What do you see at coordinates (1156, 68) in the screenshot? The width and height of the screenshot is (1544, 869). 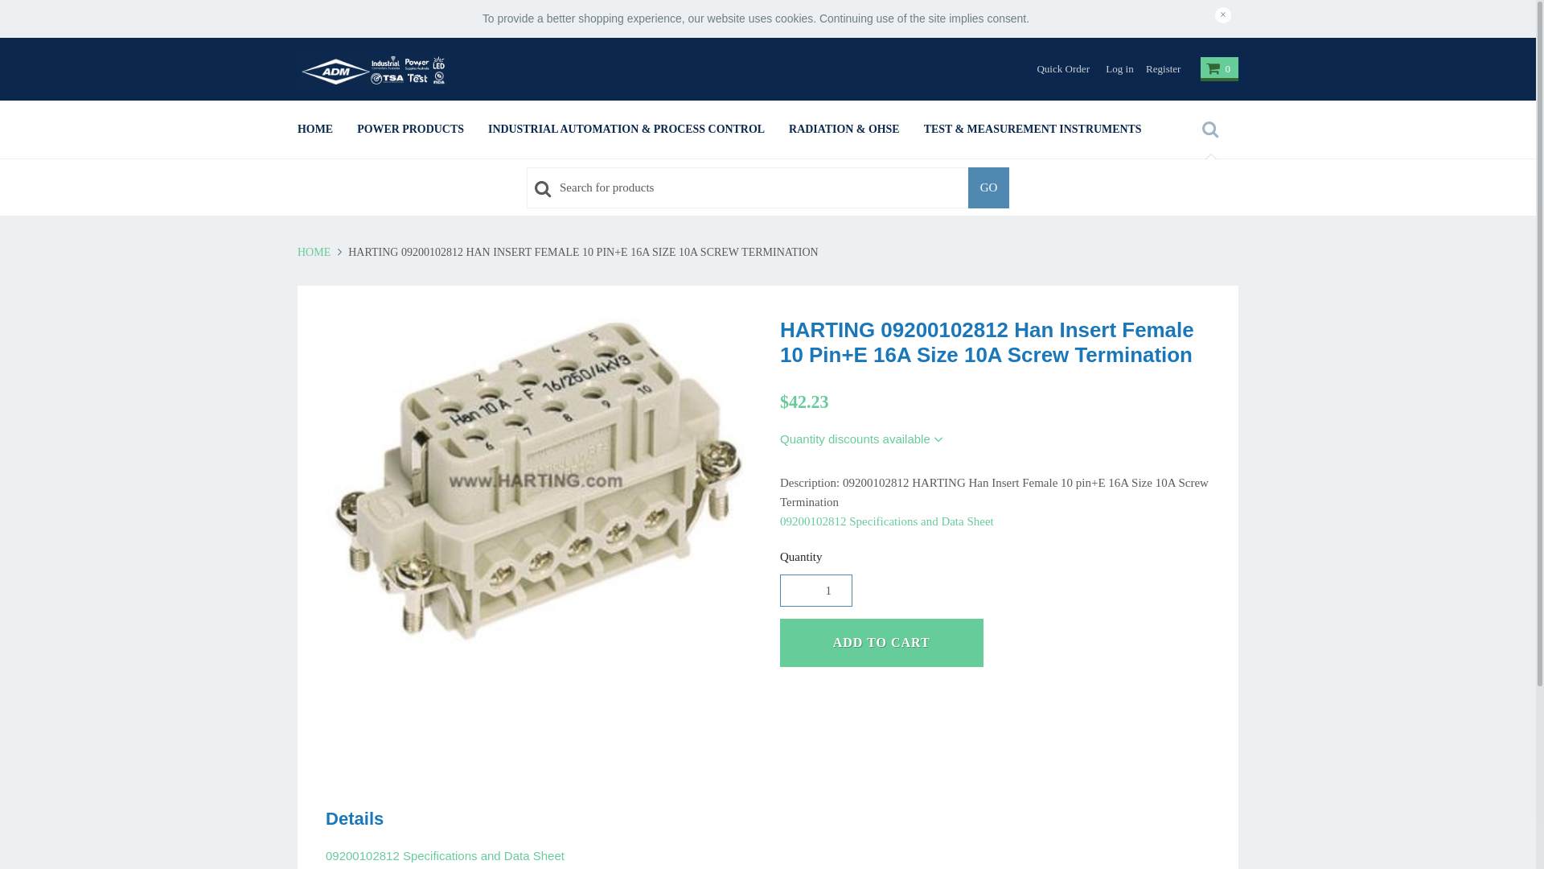 I see `'Register'` at bounding box center [1156, 68].